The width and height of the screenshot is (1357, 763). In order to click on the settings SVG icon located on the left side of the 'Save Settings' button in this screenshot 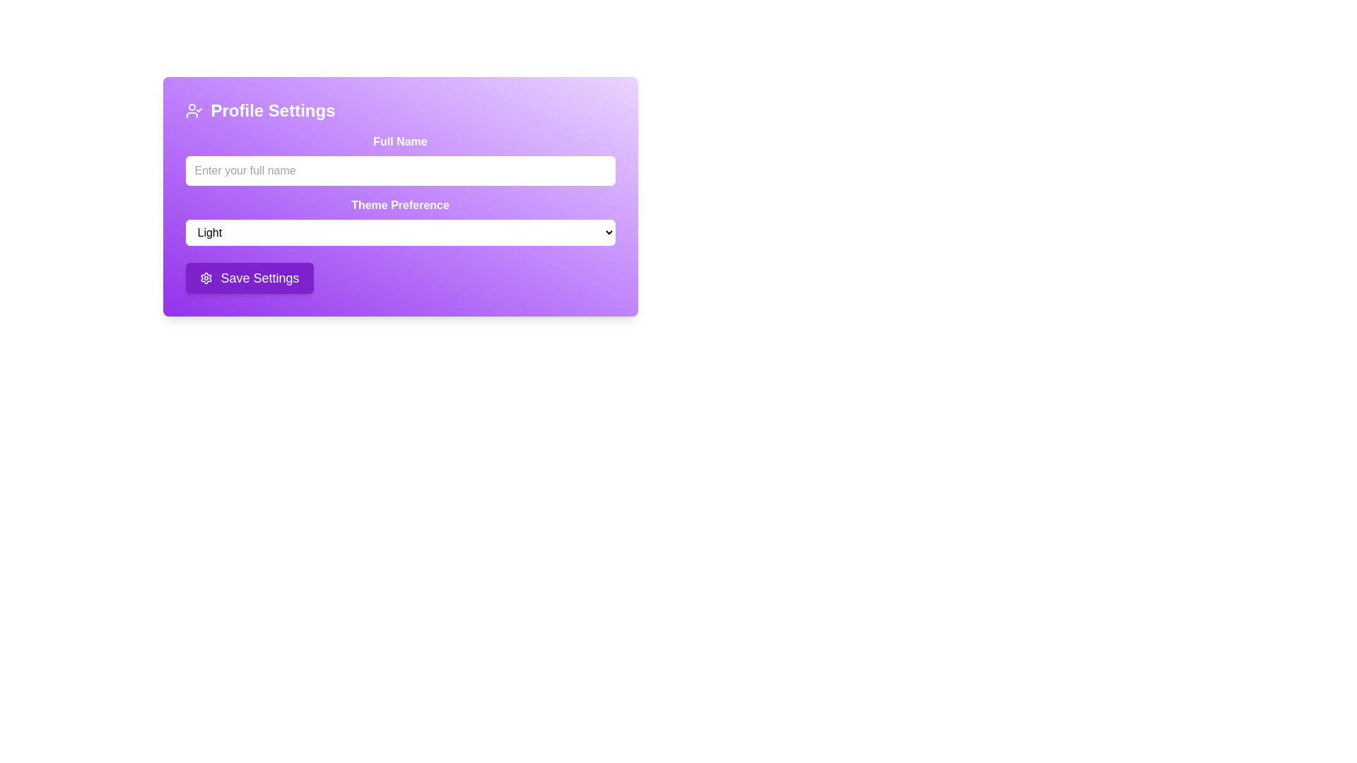, I will do `click(205, 278)`.